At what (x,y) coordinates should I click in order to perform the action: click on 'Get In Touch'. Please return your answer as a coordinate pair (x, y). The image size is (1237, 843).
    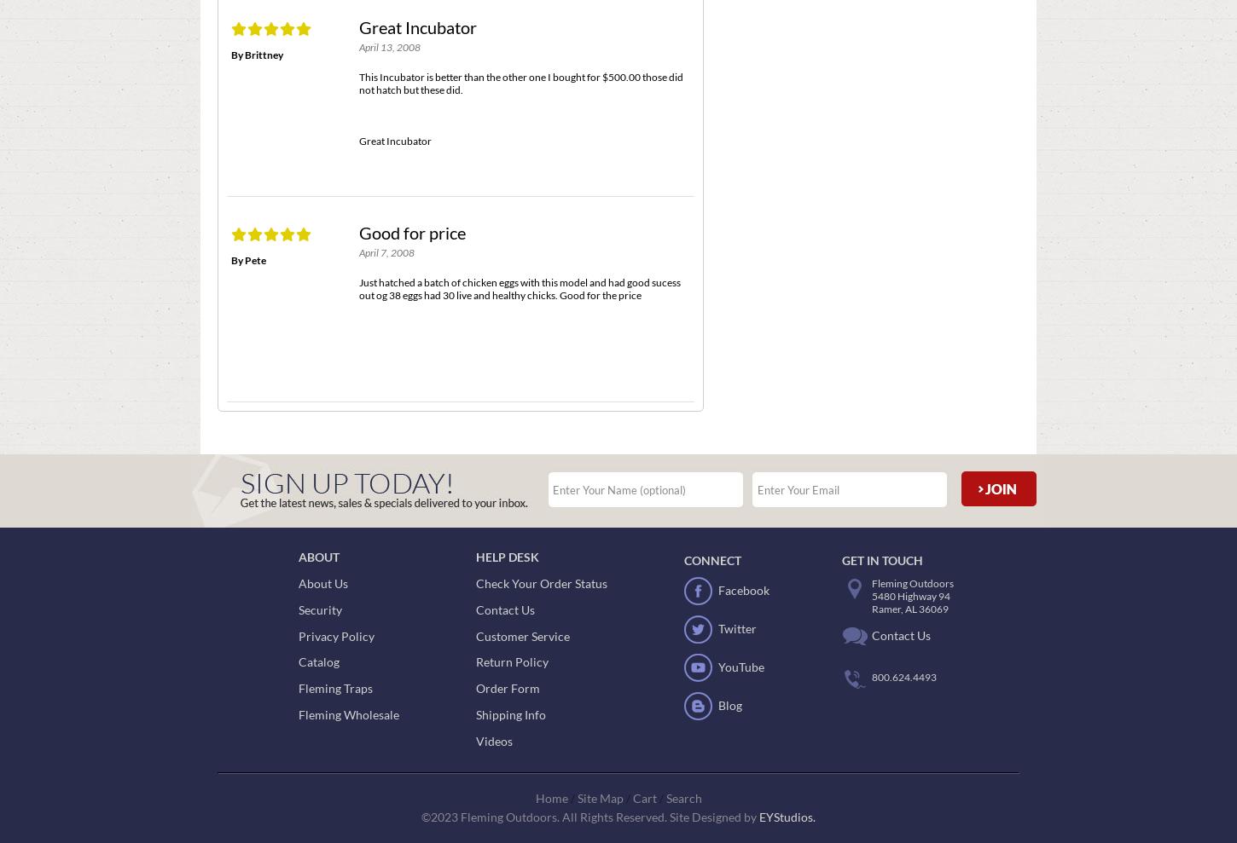
    Looking at the image, I should click on (842, 560).